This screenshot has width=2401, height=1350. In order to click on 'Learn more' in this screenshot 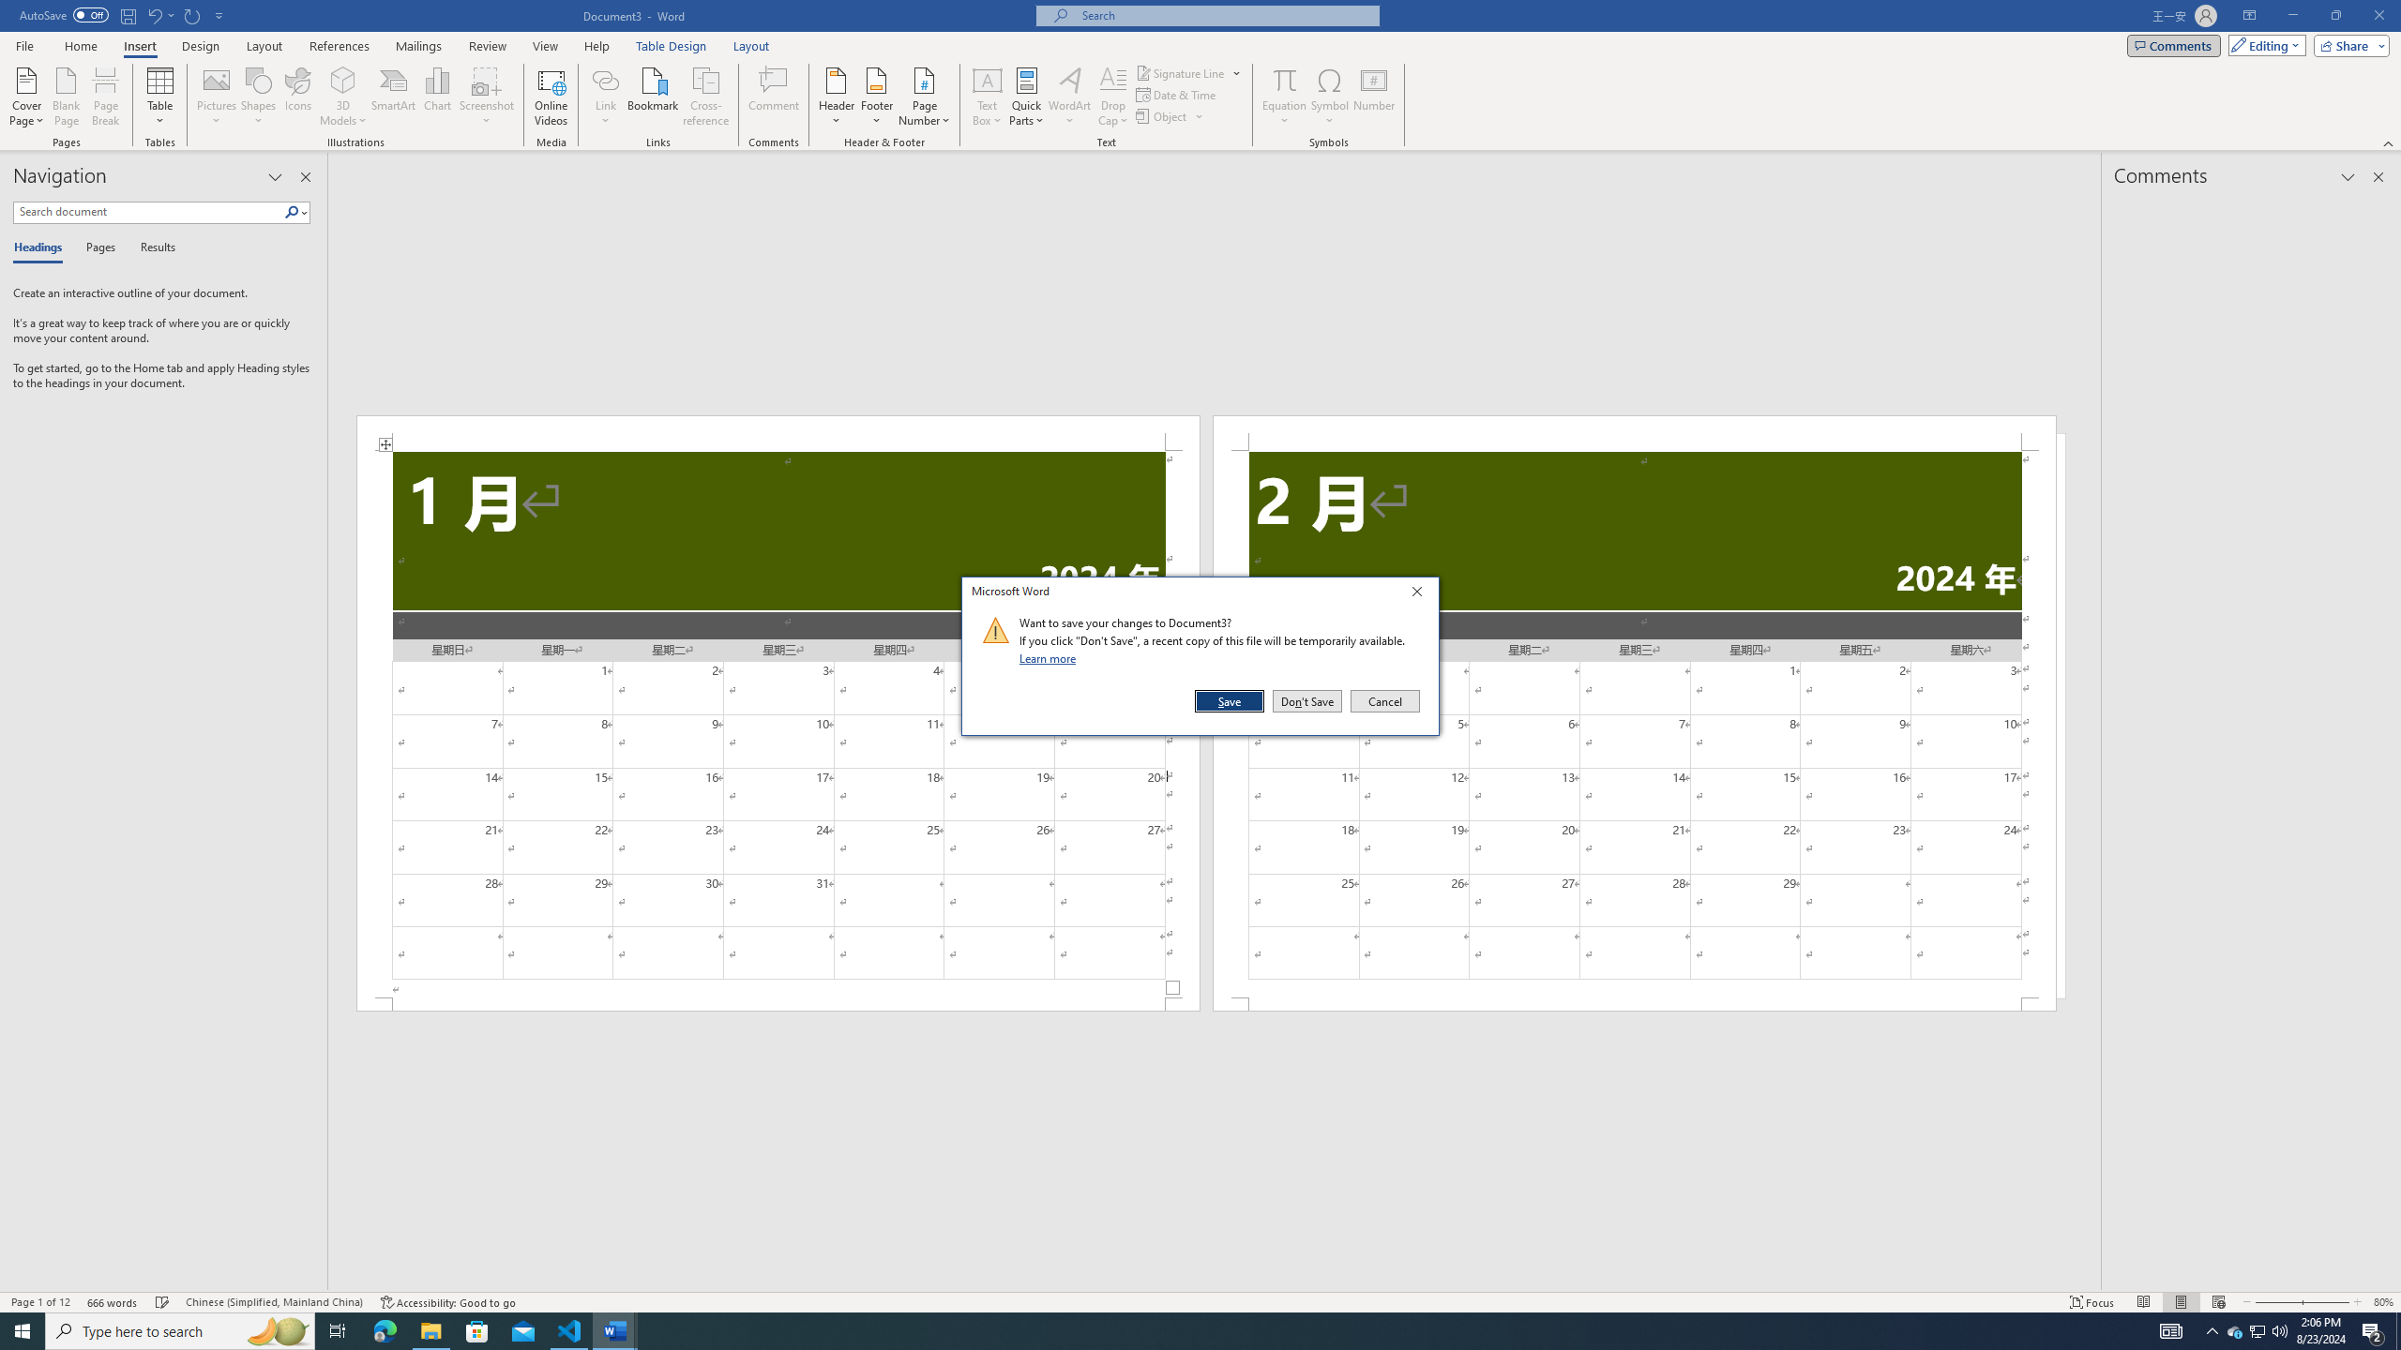, I will do `click(1050, 657)`.